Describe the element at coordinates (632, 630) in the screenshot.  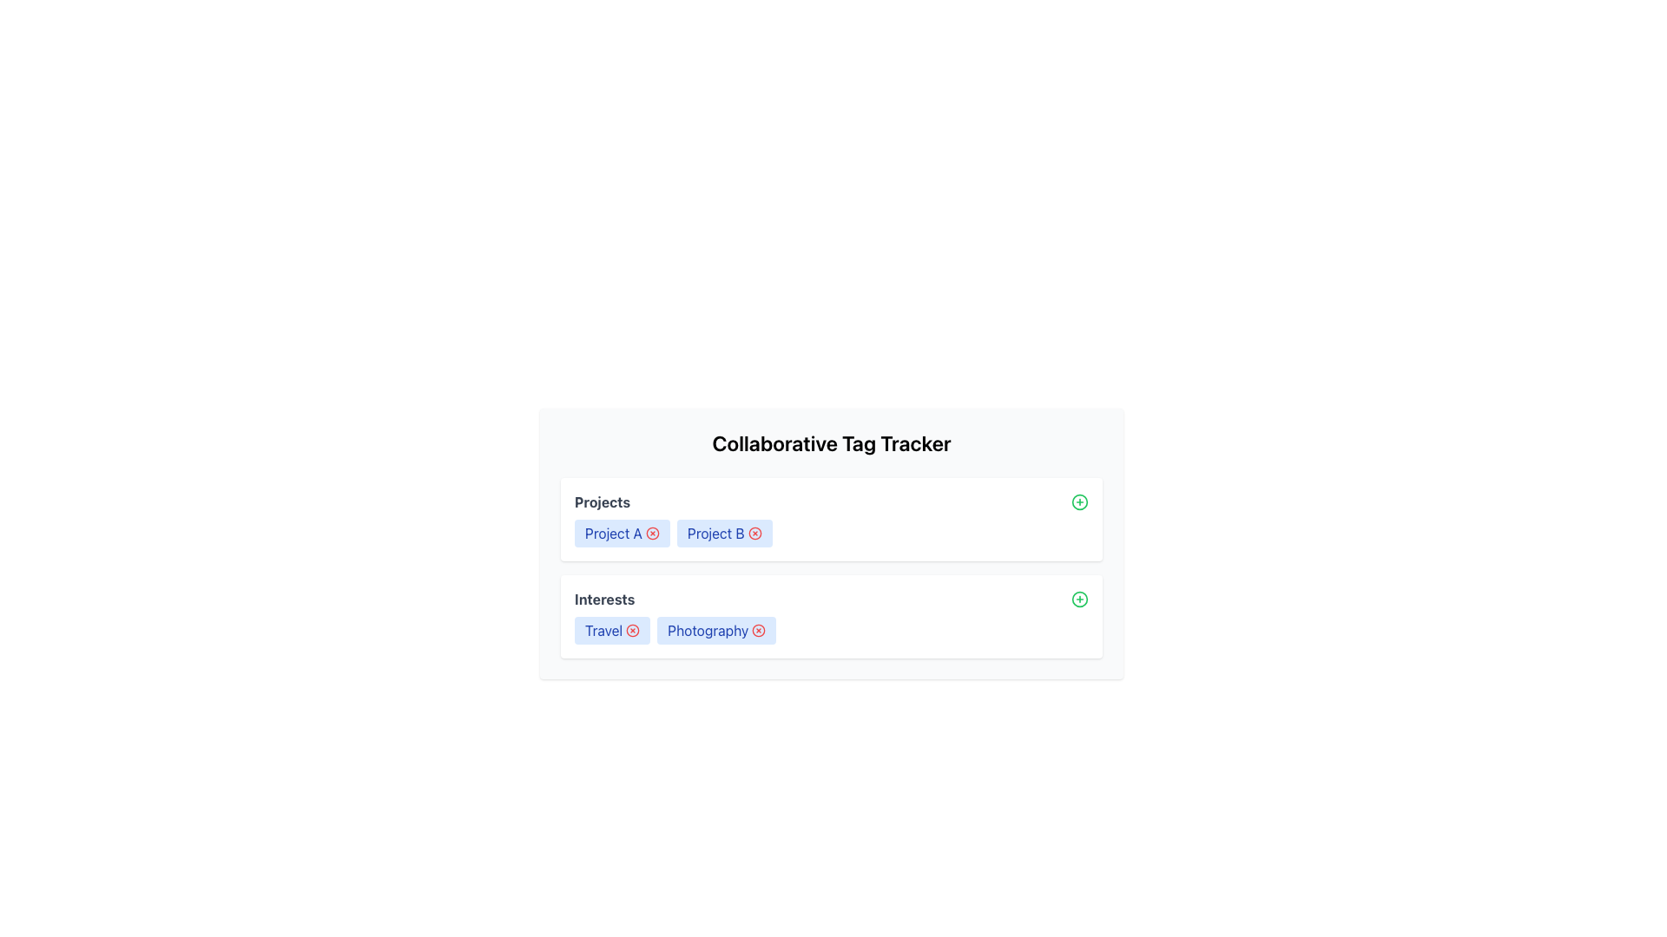
I see `the close button for the 'Travel' tag in the 'Interests' section` at that location.